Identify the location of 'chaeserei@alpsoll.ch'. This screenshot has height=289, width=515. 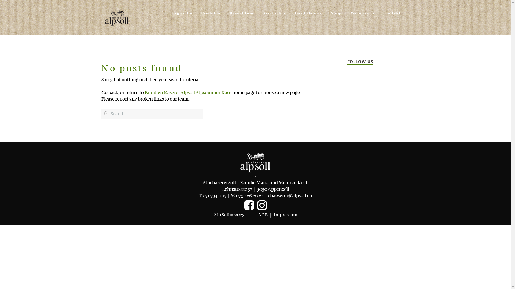
(268, 195).